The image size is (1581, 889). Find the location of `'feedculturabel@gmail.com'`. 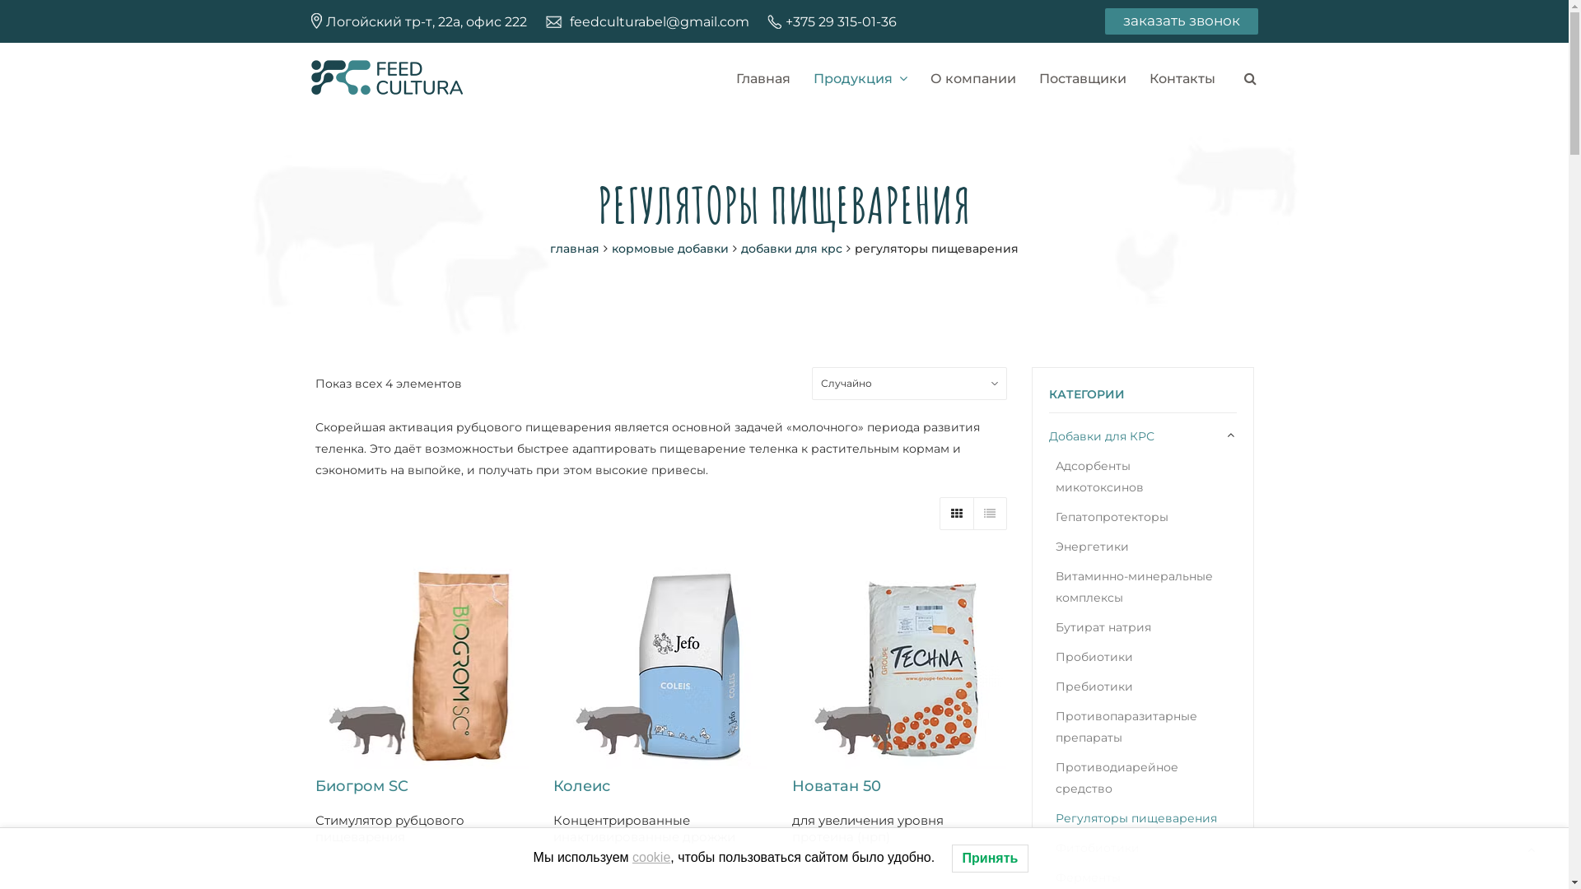

'feedculturabel@gmail.com' is located at coordinates (660, 21).